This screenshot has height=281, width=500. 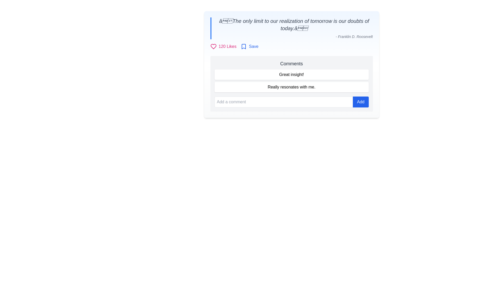 I want to click on the heart-shaped icon button with a pink outline, located next to the '120 Likes' text, so click(x=213, y=46).